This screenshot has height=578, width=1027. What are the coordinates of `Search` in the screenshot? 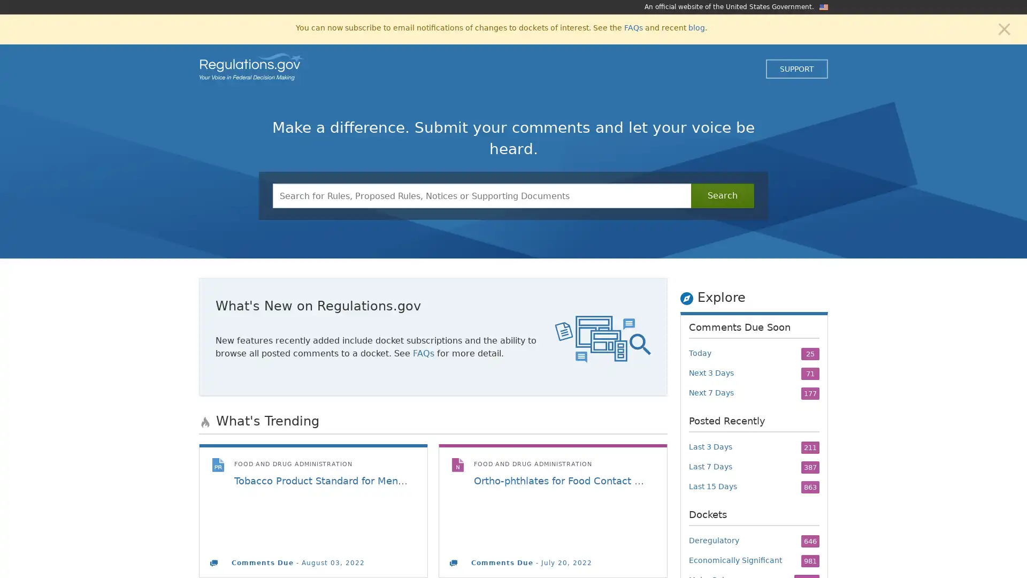 It's located at (722, 196).